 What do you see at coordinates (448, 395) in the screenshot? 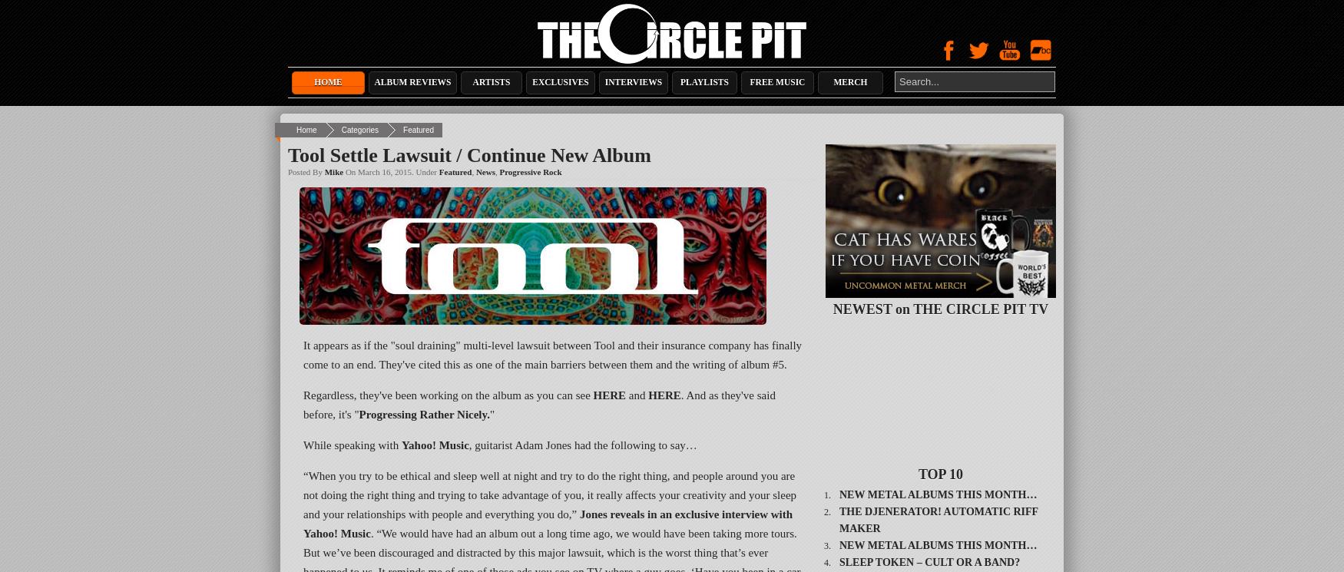
I see `'Regardless, they've been working on the album as you can see'` at bounding box center [448, 395].